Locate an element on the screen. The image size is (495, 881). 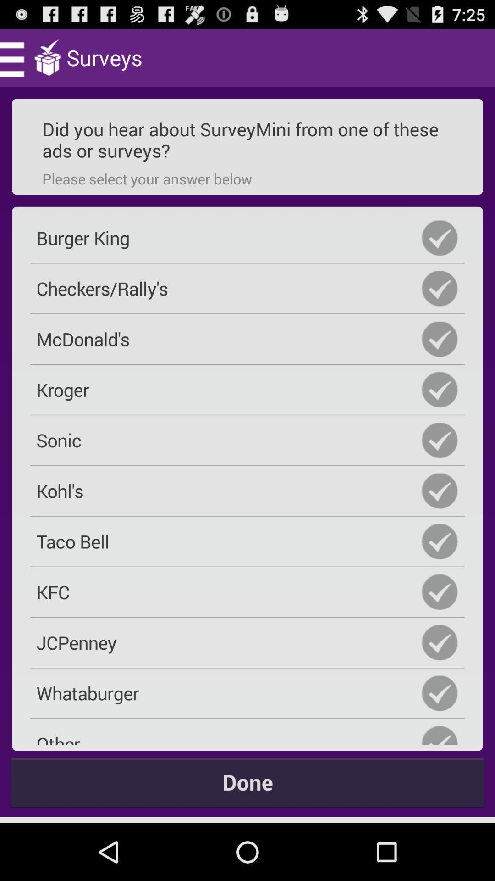
whataburger icon is located at coordinates (247, 693).